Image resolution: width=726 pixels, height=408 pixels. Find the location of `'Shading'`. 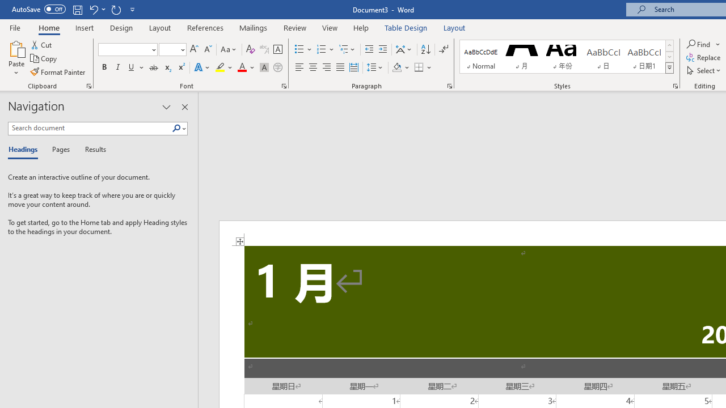

'Shading' is located at coordinates (401, 67).